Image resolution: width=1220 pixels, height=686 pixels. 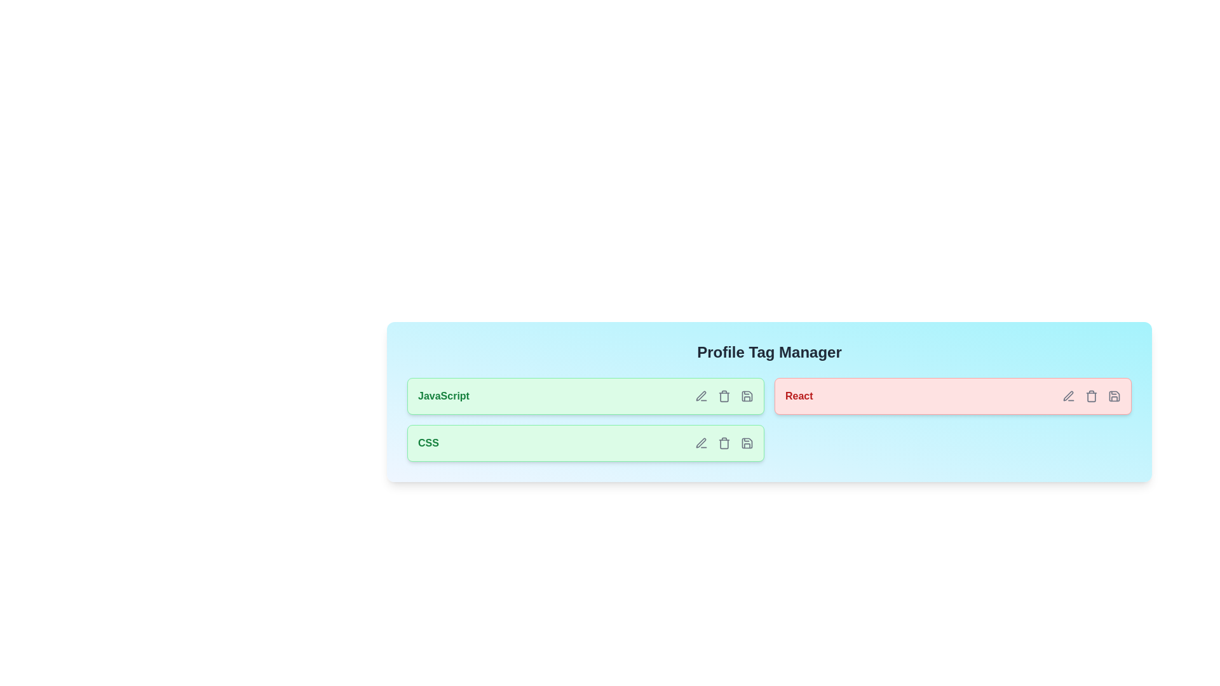 What do you see at coordinates (1067, 396) in the screenshot?
I see `edit icon of the tag labeled React` at bounding box center [1067, 396].